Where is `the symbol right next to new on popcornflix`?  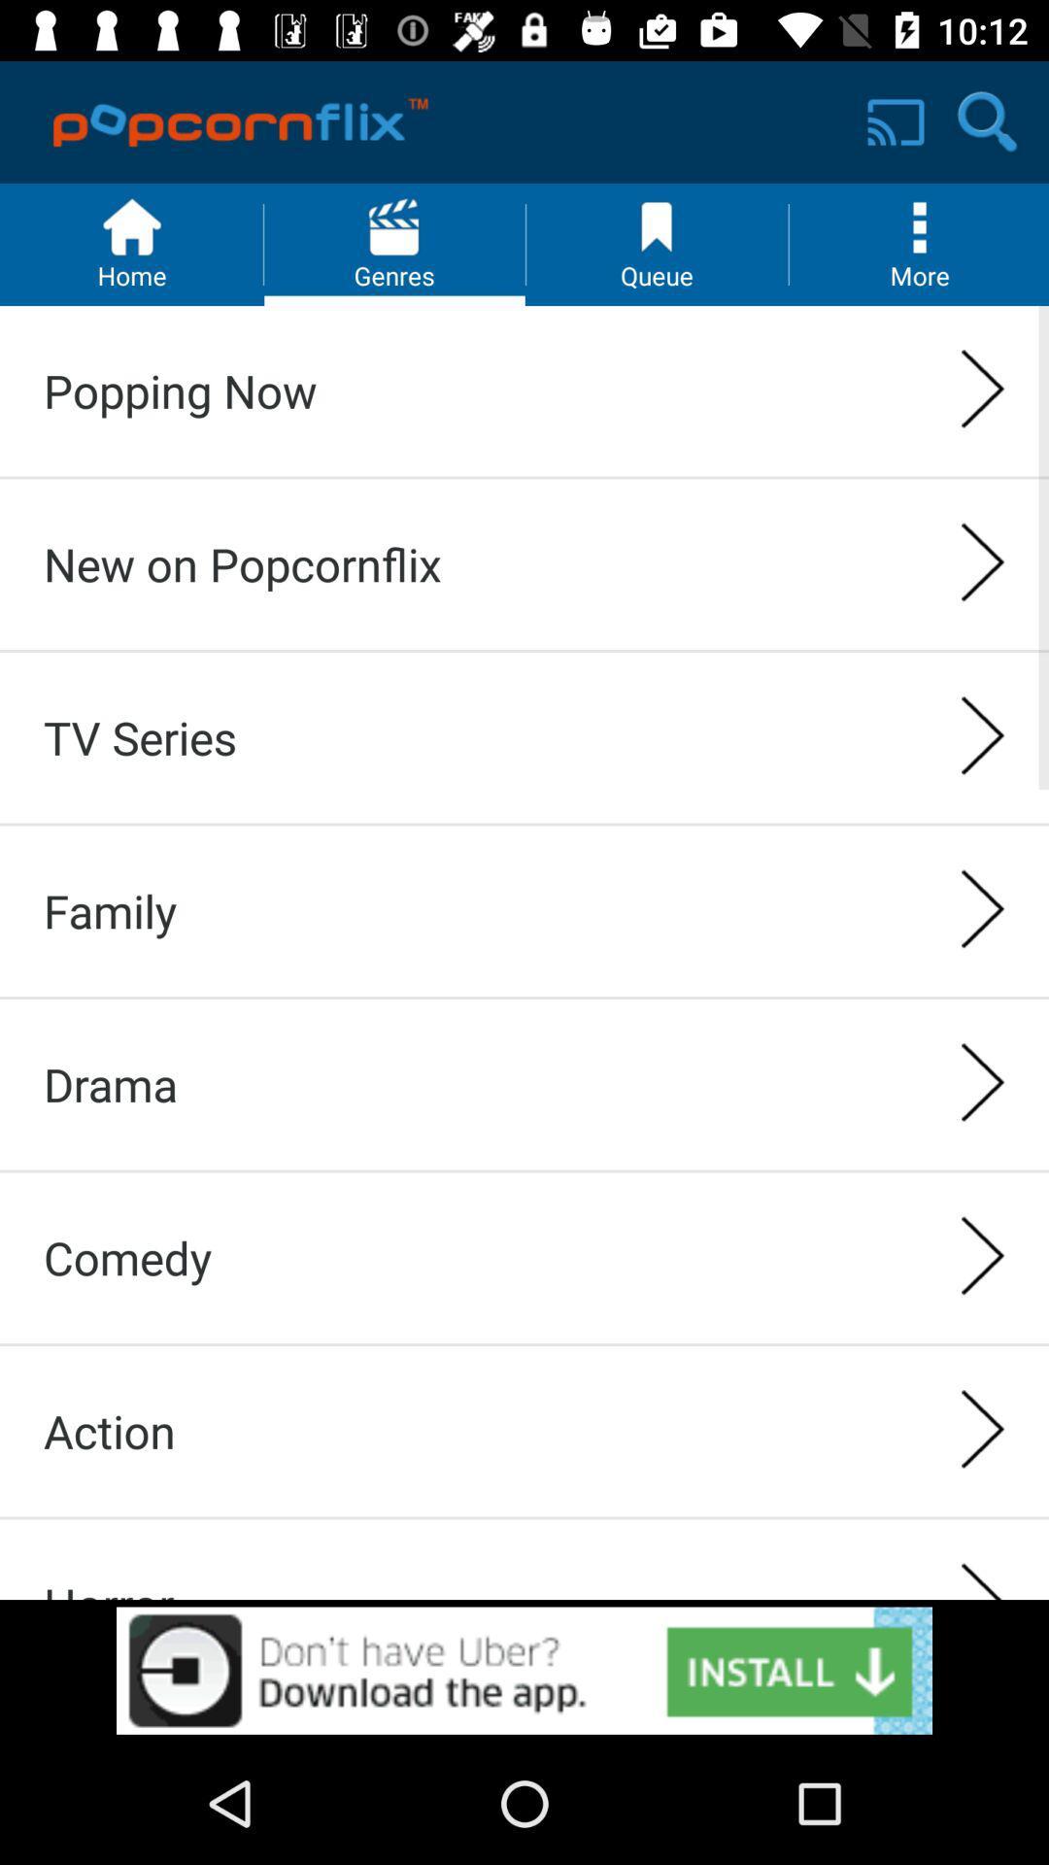
the symbol right next to new on popcornflix is located at coordinates (983, 563).